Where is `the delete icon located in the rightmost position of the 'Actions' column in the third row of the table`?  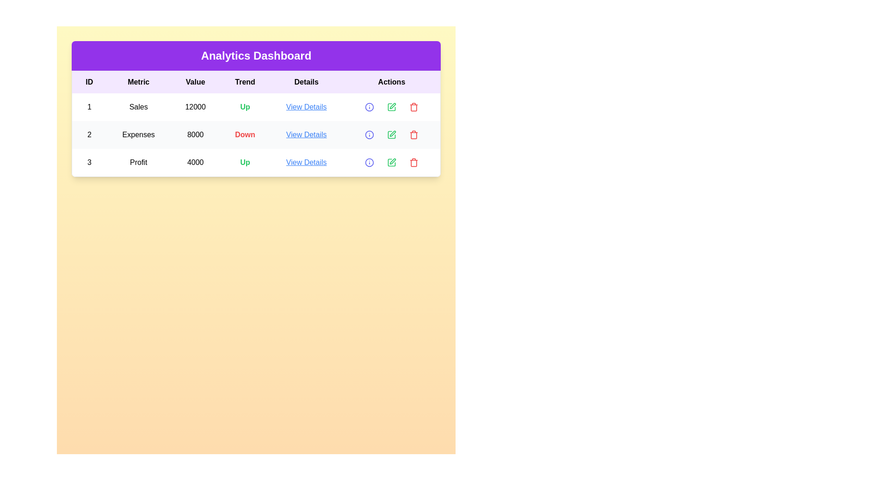 the delete icon located in the rightmost position of the 'Actions' column in the third row of the table is located at coordinates (413, 162).